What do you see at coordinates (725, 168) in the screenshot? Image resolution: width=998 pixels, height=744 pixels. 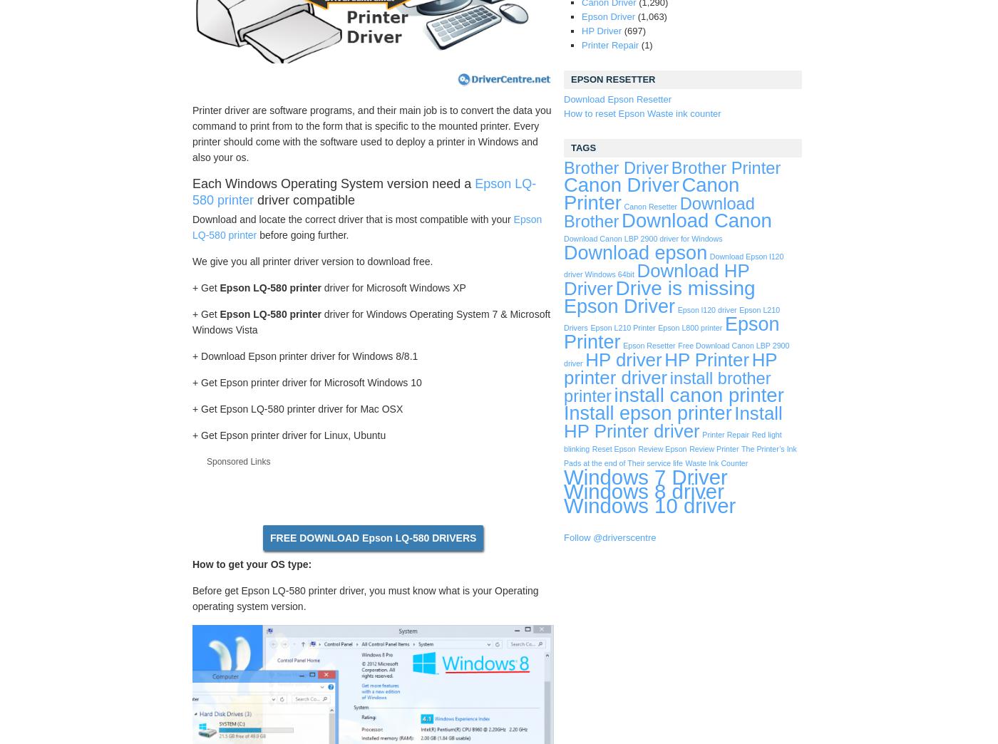 I see `'Brother Printer'` at bounding box center [725, 168].